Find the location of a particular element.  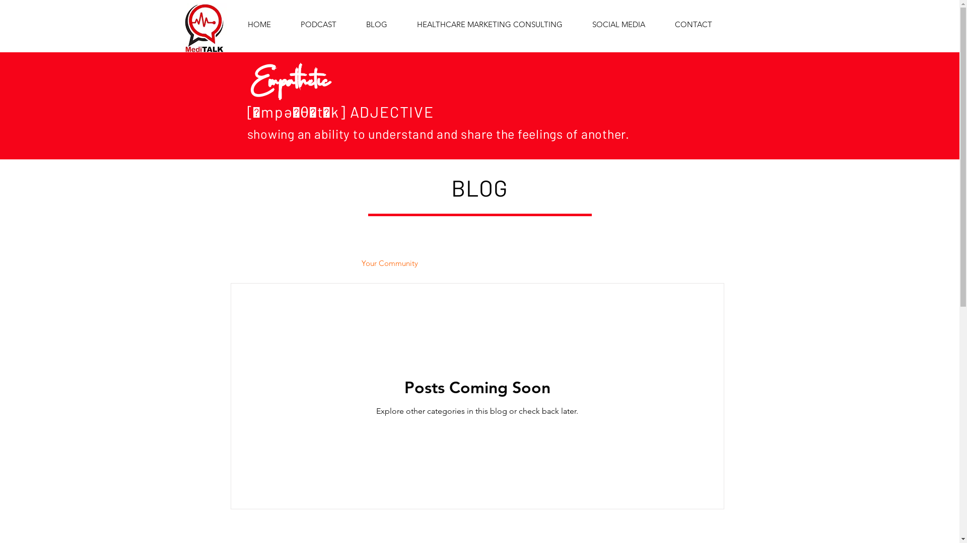

'HOME' is located at coordinates (259, 24).